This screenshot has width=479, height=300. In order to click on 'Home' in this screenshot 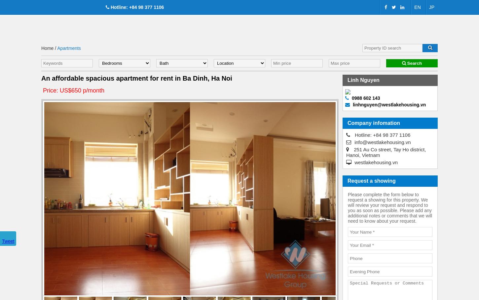, I will do `click(47, 48)`.